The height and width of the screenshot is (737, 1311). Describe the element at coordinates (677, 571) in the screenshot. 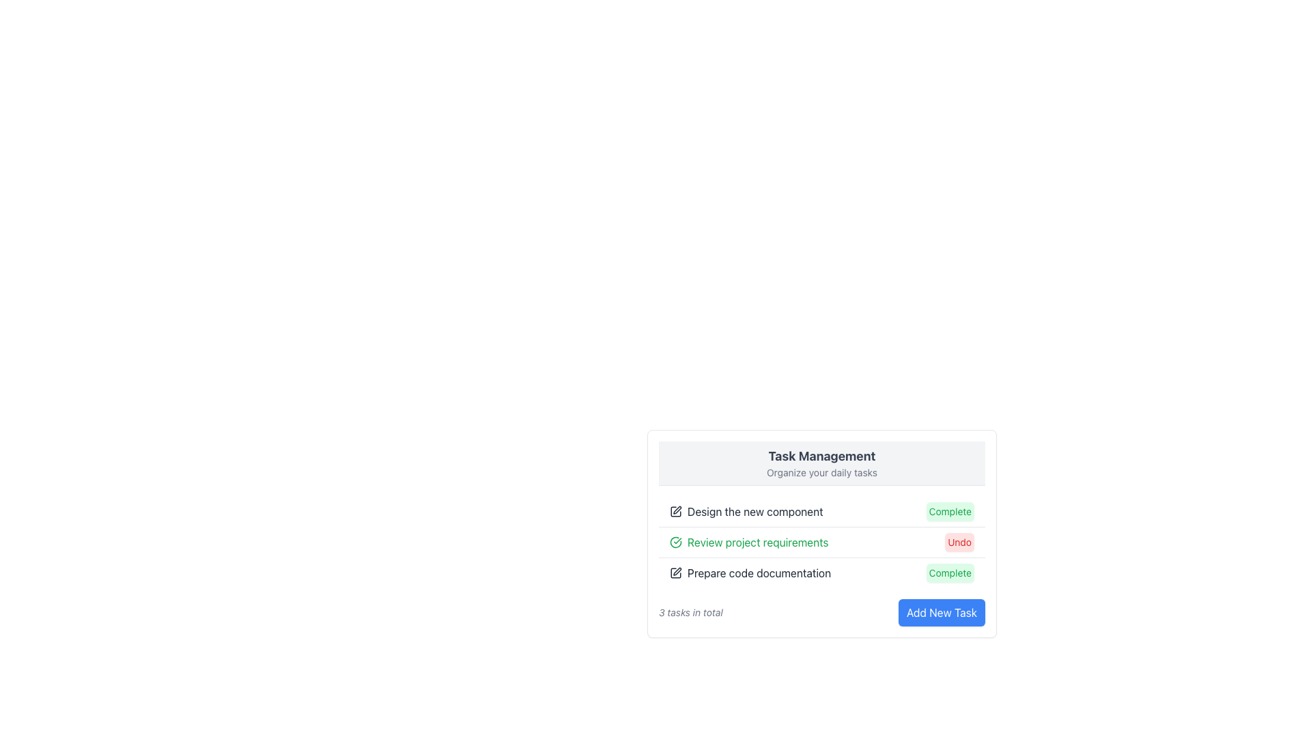

I see `the pencil icon within a square outline` at that location.